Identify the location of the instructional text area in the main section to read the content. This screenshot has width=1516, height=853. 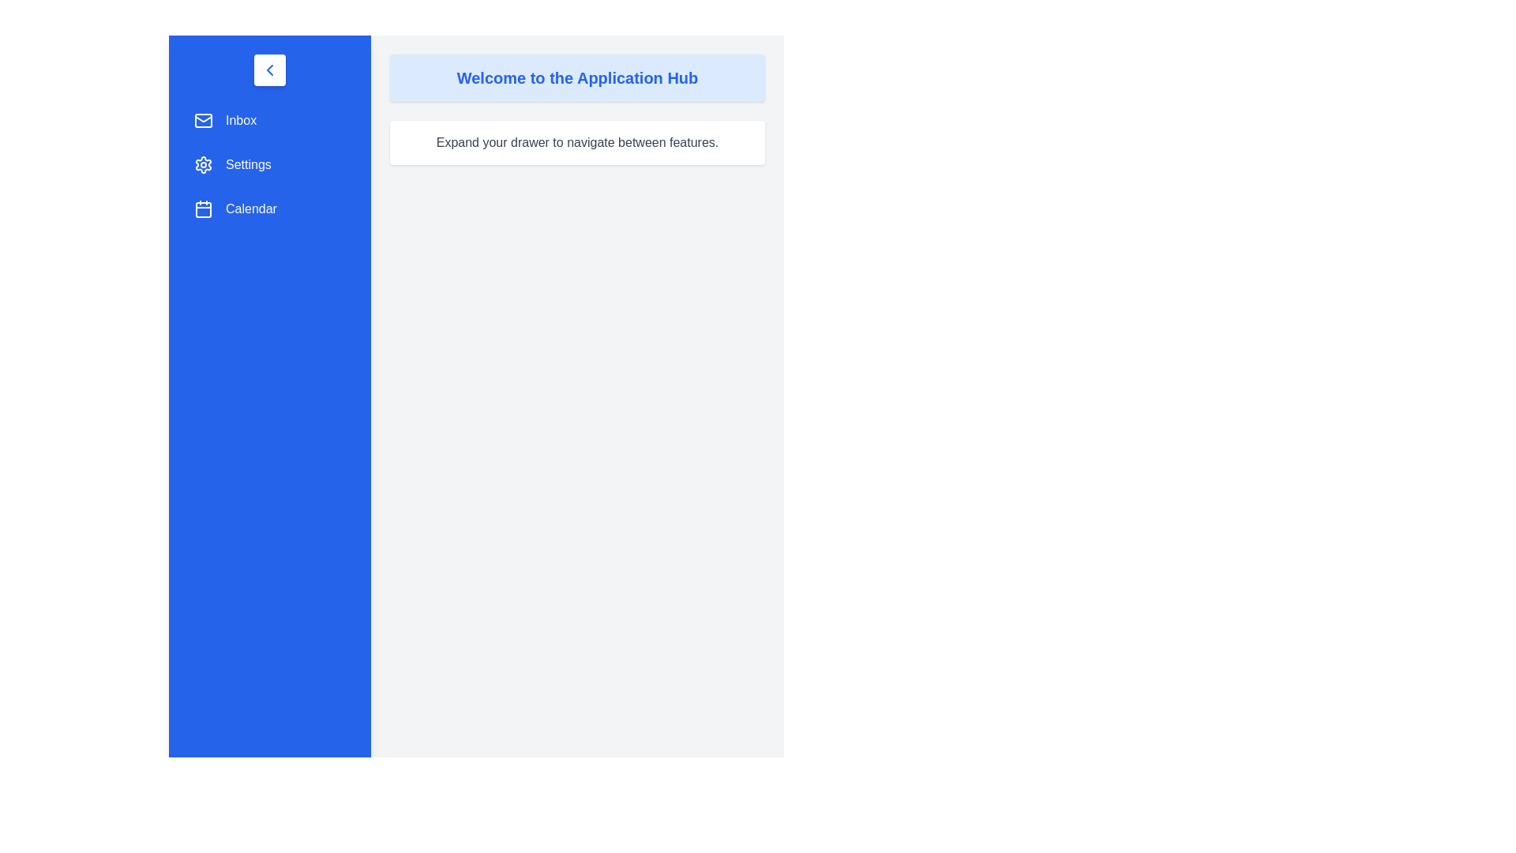
(576, 143).